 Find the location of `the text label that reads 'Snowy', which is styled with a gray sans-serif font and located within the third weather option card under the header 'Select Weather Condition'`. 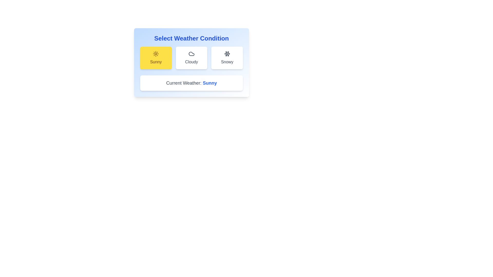

the text label that reads 'Snowy', which is styled with a gray sans-serif font and located within the third weather option card under the header 'Select Weather Condition' is located at coordinates (227, 62).